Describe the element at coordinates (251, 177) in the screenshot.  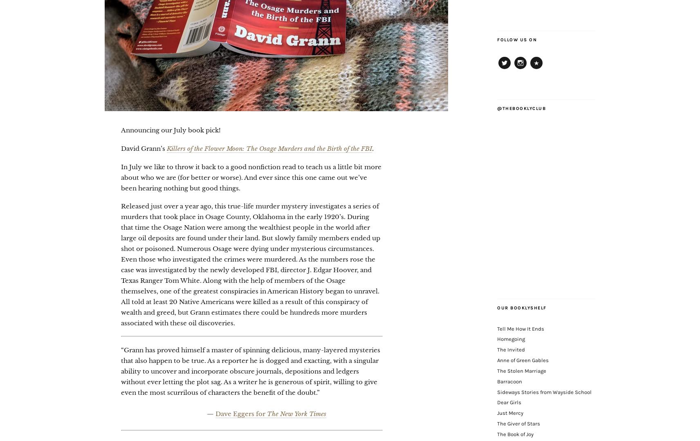
I see `'In July we like to throw it back to a good nonfiction read to teach us a little bit more about who we are (for better or worse). And ever since this one came out we’ve been hearing nothing but good things.'` at that location.